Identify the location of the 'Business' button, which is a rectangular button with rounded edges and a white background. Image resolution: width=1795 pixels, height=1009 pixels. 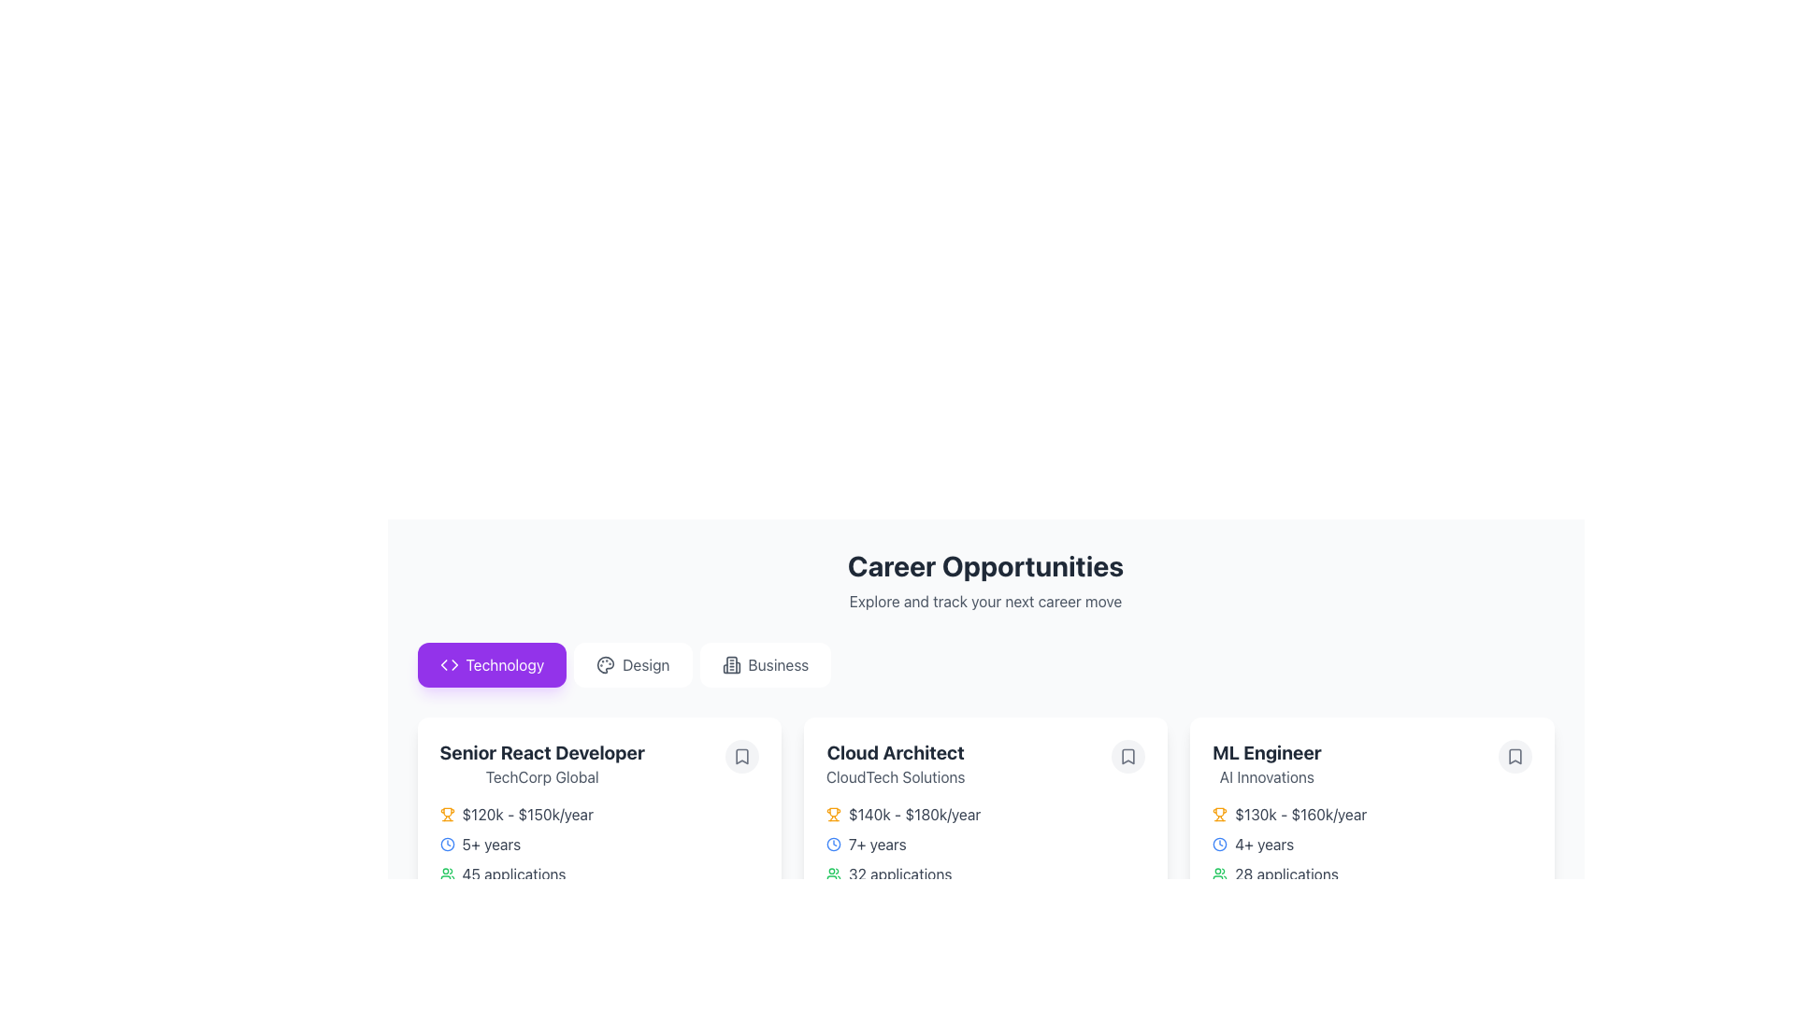
(765, 664).